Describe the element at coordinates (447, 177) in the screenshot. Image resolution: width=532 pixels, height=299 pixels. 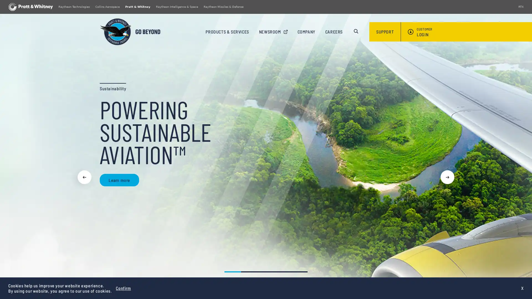
I see `Next slide` at that location.